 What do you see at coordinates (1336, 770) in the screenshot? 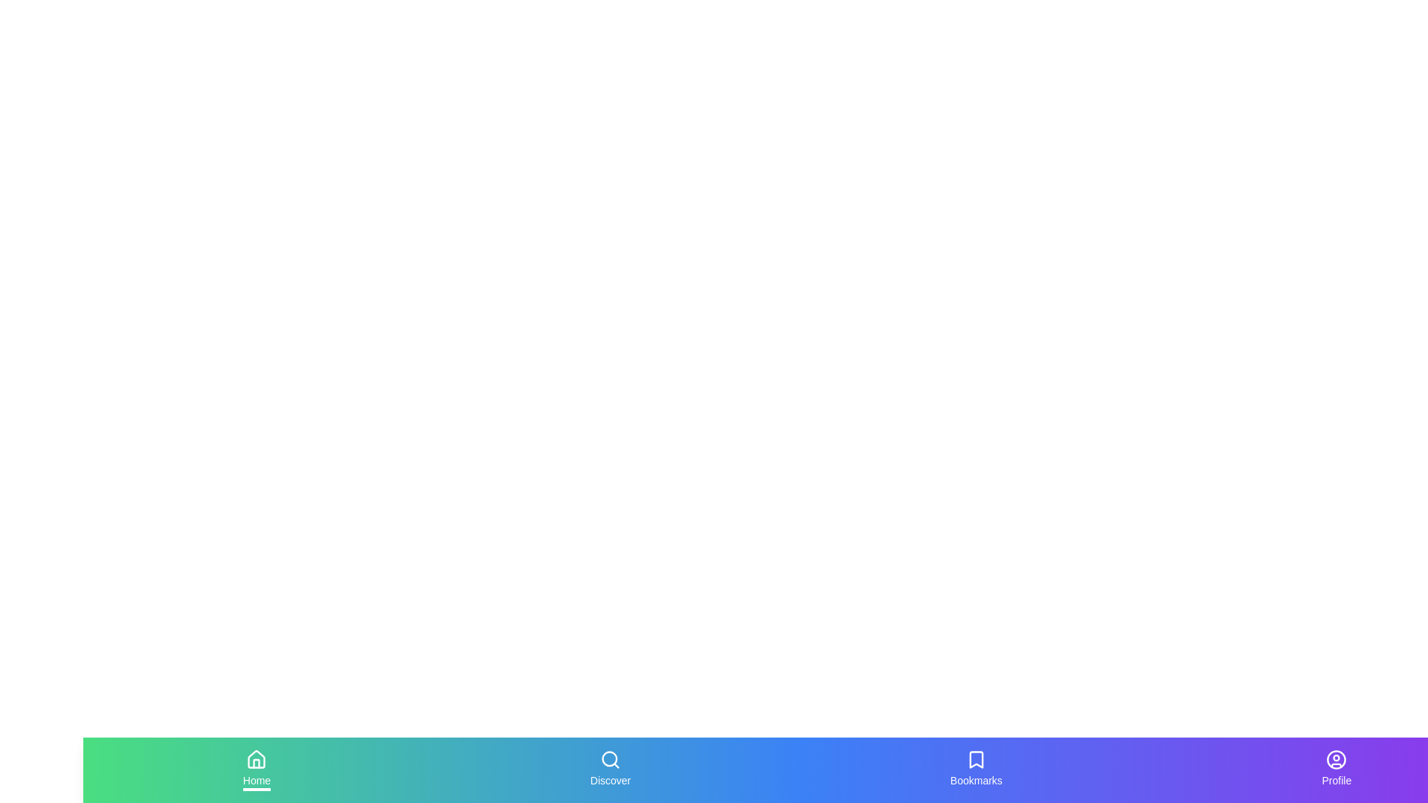
I see `the tab labeled Profile to inspect its icon and label` at bounding box center [1336, 770].